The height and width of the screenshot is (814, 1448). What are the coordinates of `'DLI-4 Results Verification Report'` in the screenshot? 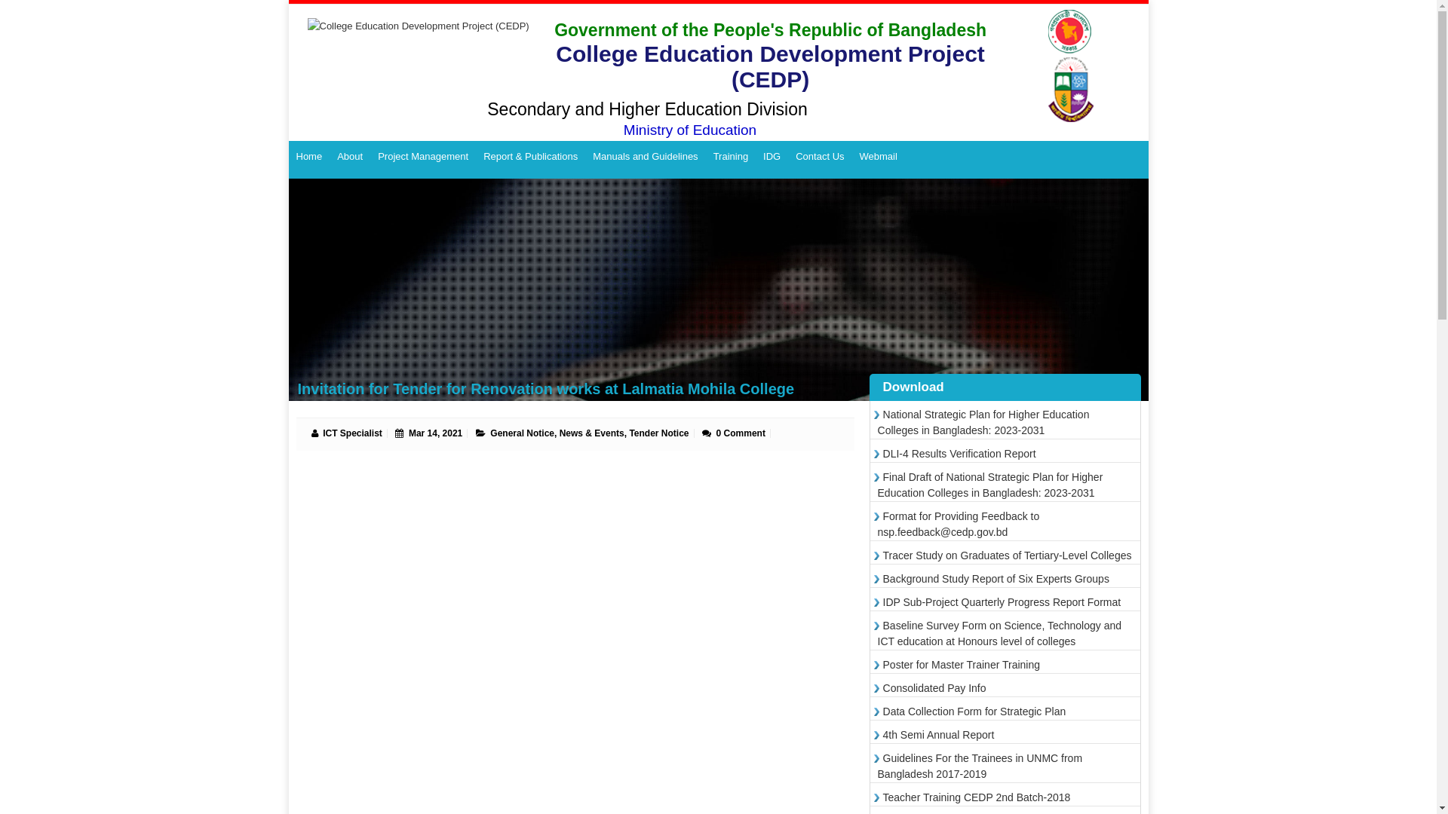 It's located at (956, 452).